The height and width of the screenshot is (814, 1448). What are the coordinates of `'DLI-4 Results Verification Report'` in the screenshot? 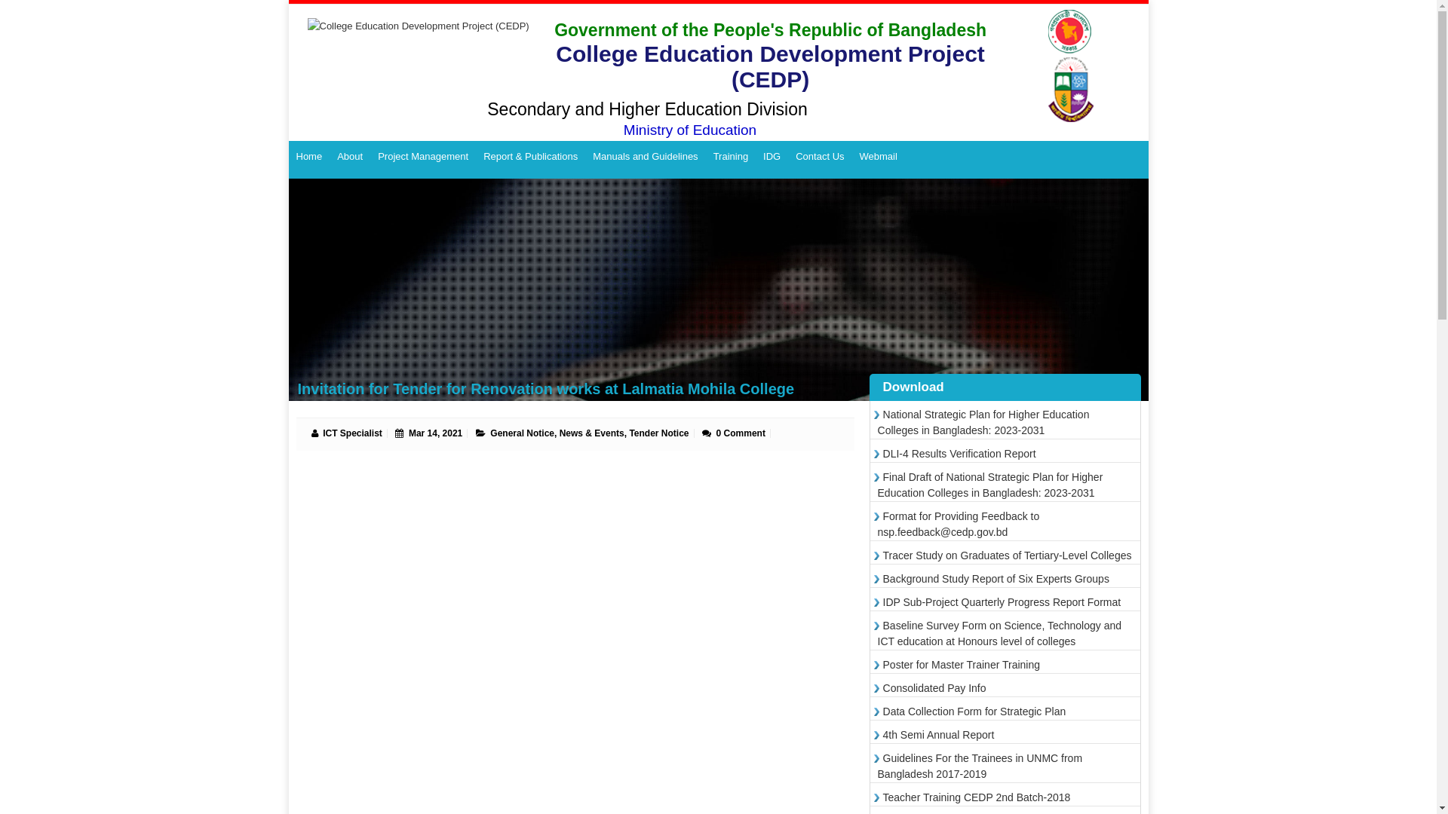 It's located at (956, 452).